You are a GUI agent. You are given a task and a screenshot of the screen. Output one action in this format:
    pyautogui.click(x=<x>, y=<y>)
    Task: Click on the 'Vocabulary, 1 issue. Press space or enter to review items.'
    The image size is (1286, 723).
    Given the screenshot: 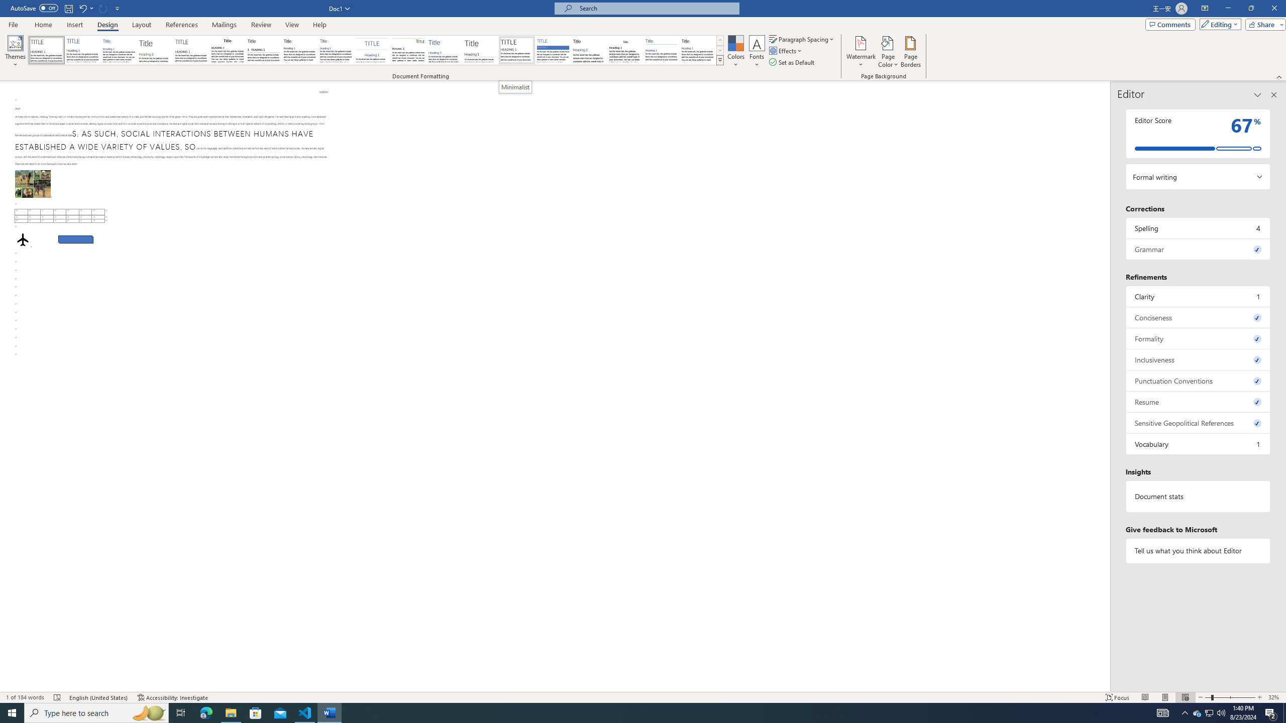 What is the action you would take?
    pyautogui.click(x=1198, y=444)
    